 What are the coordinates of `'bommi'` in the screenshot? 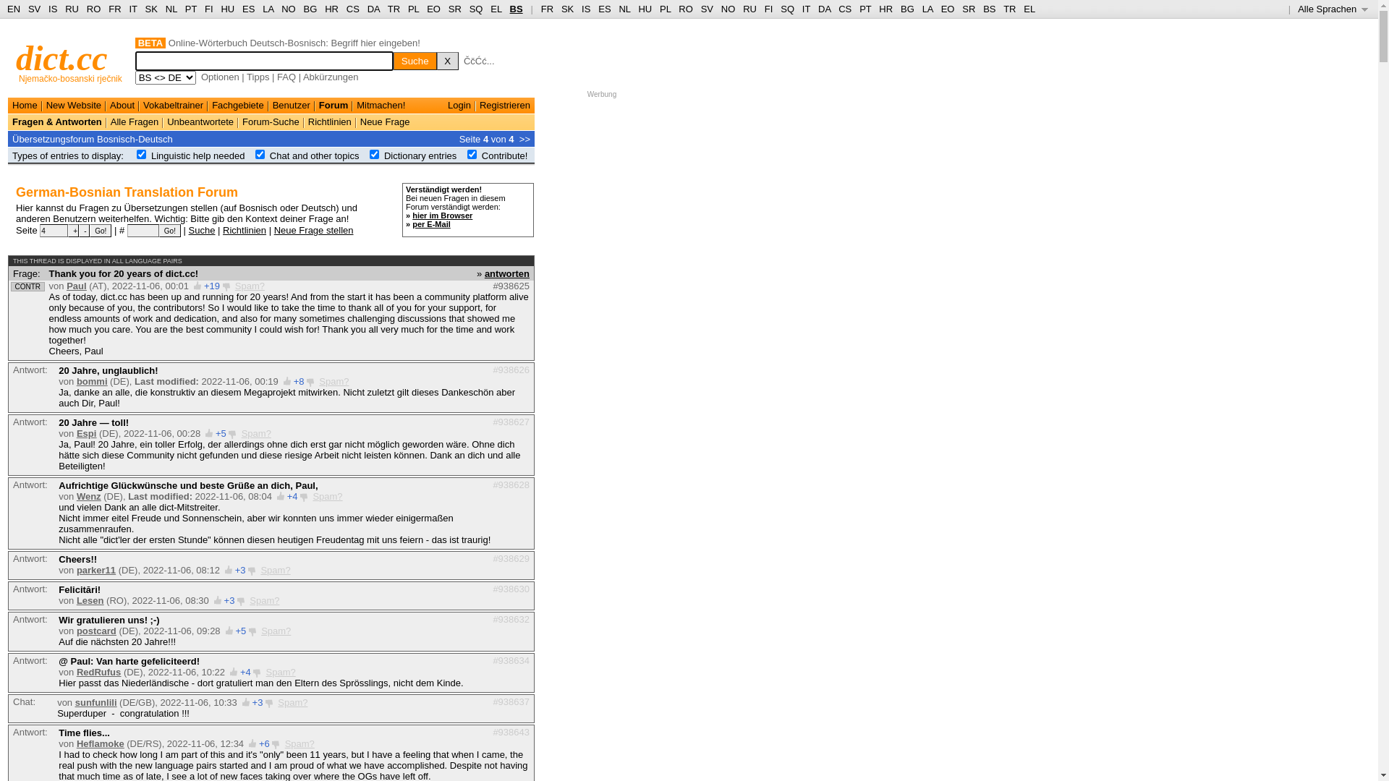 It's located at (91, 380).